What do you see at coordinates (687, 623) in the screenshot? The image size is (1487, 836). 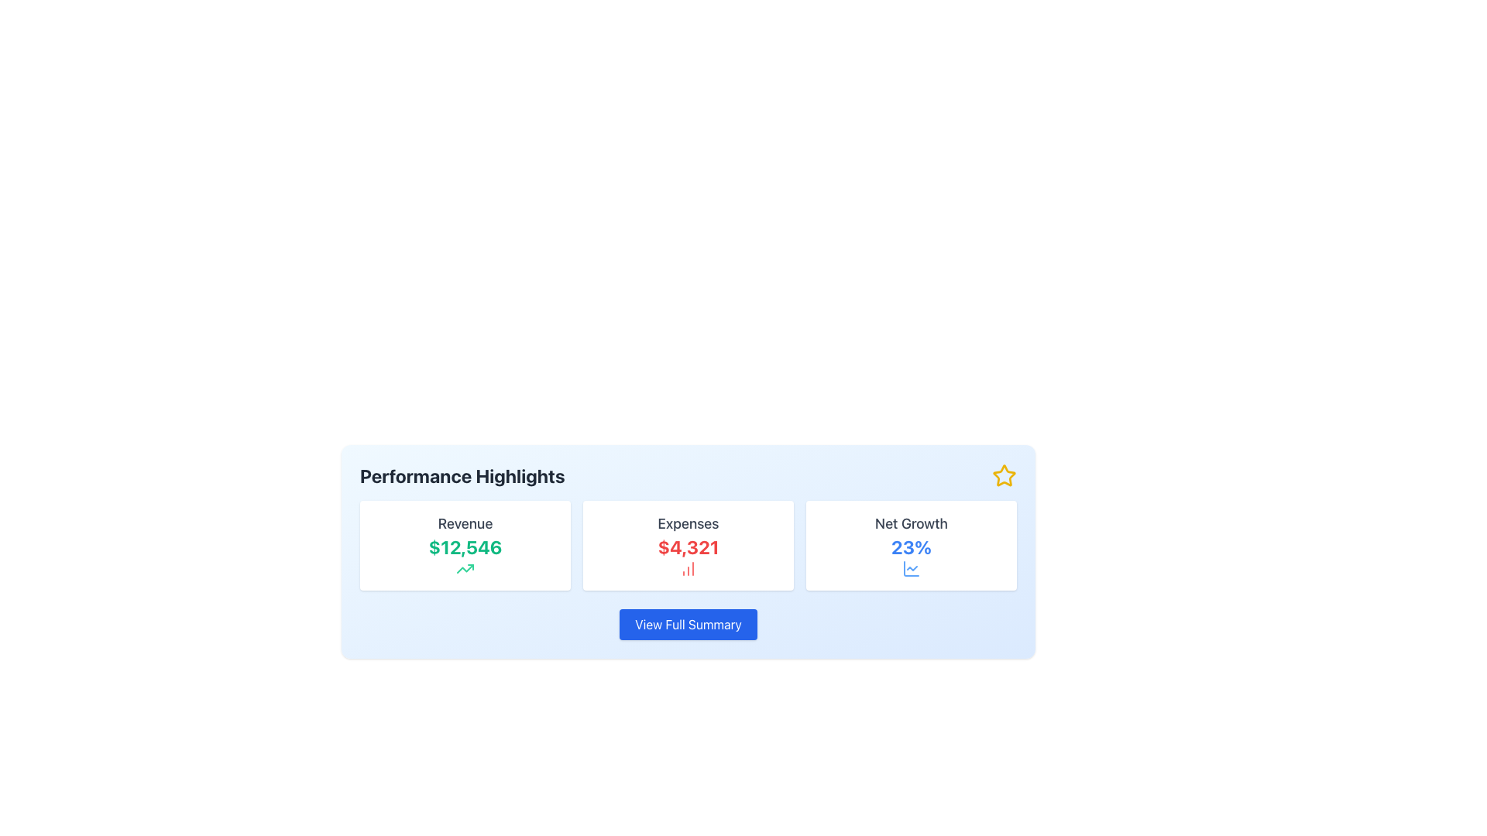 I see `the navigation button located centrally at the bottom of the 'Performance Highlights' component` at bounding box center [687, 623].